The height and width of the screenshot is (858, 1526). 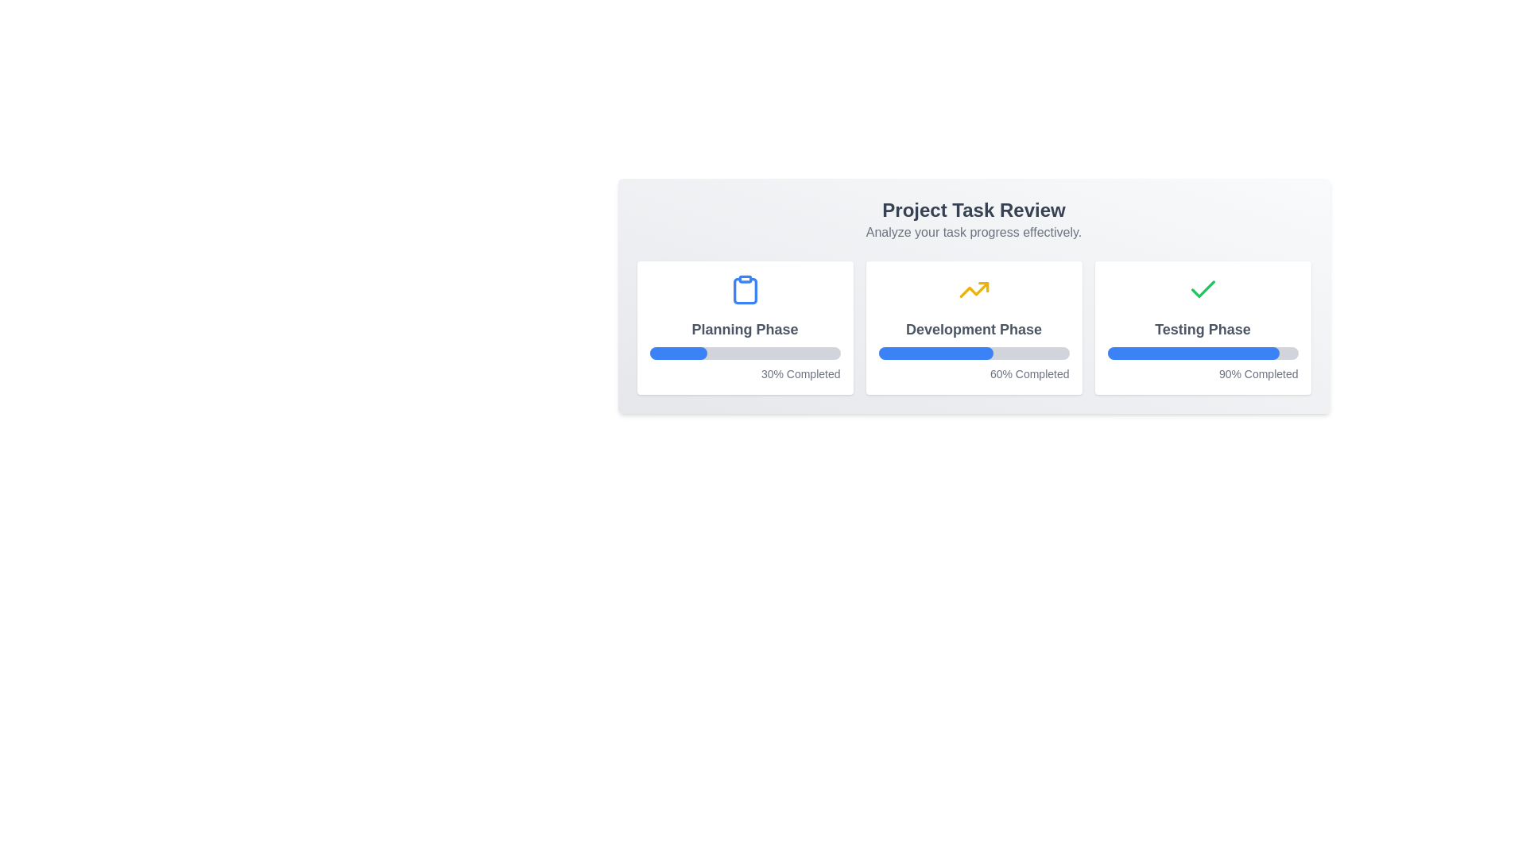 What do you see at coordinates (744, 327) in the screenshot?
I see `the progress bar on the 'Planning Phase' progress tracking card, which features a blue icon and a title in dark gray, to visually understand the progress indicated by the blue segment of the progress bar` at bounding box center [744, 327].